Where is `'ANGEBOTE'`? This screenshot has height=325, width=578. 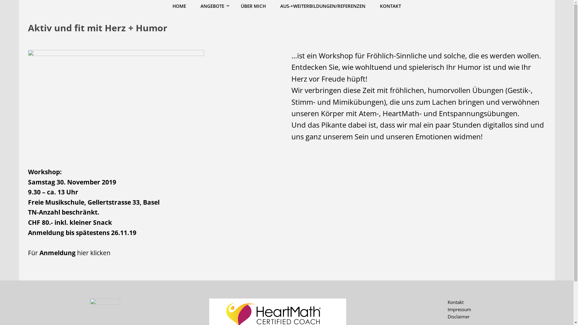 'ANGEBOTE' is located at coordinates (213, 6).